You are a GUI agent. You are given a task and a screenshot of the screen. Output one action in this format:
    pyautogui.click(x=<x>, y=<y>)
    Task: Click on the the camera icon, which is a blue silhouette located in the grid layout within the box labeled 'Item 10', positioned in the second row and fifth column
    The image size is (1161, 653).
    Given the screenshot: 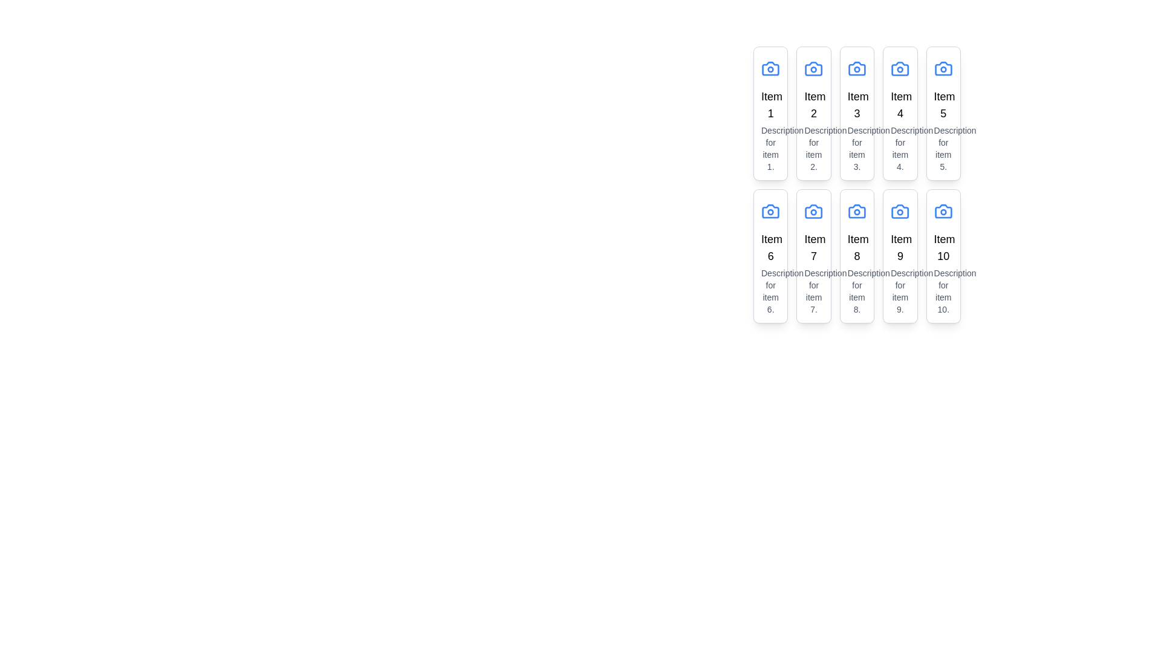 What is the action you would take?
    pyautogui.click(x=943, y=211)
    